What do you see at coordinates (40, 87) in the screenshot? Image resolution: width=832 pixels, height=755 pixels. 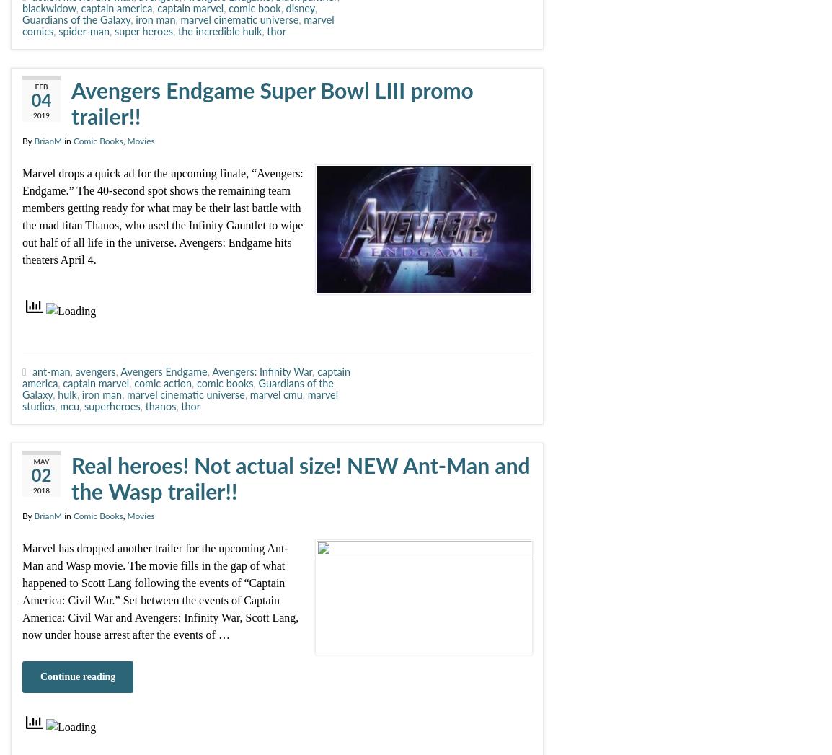 I see `'Feb'` at bounding box center [40, 87].